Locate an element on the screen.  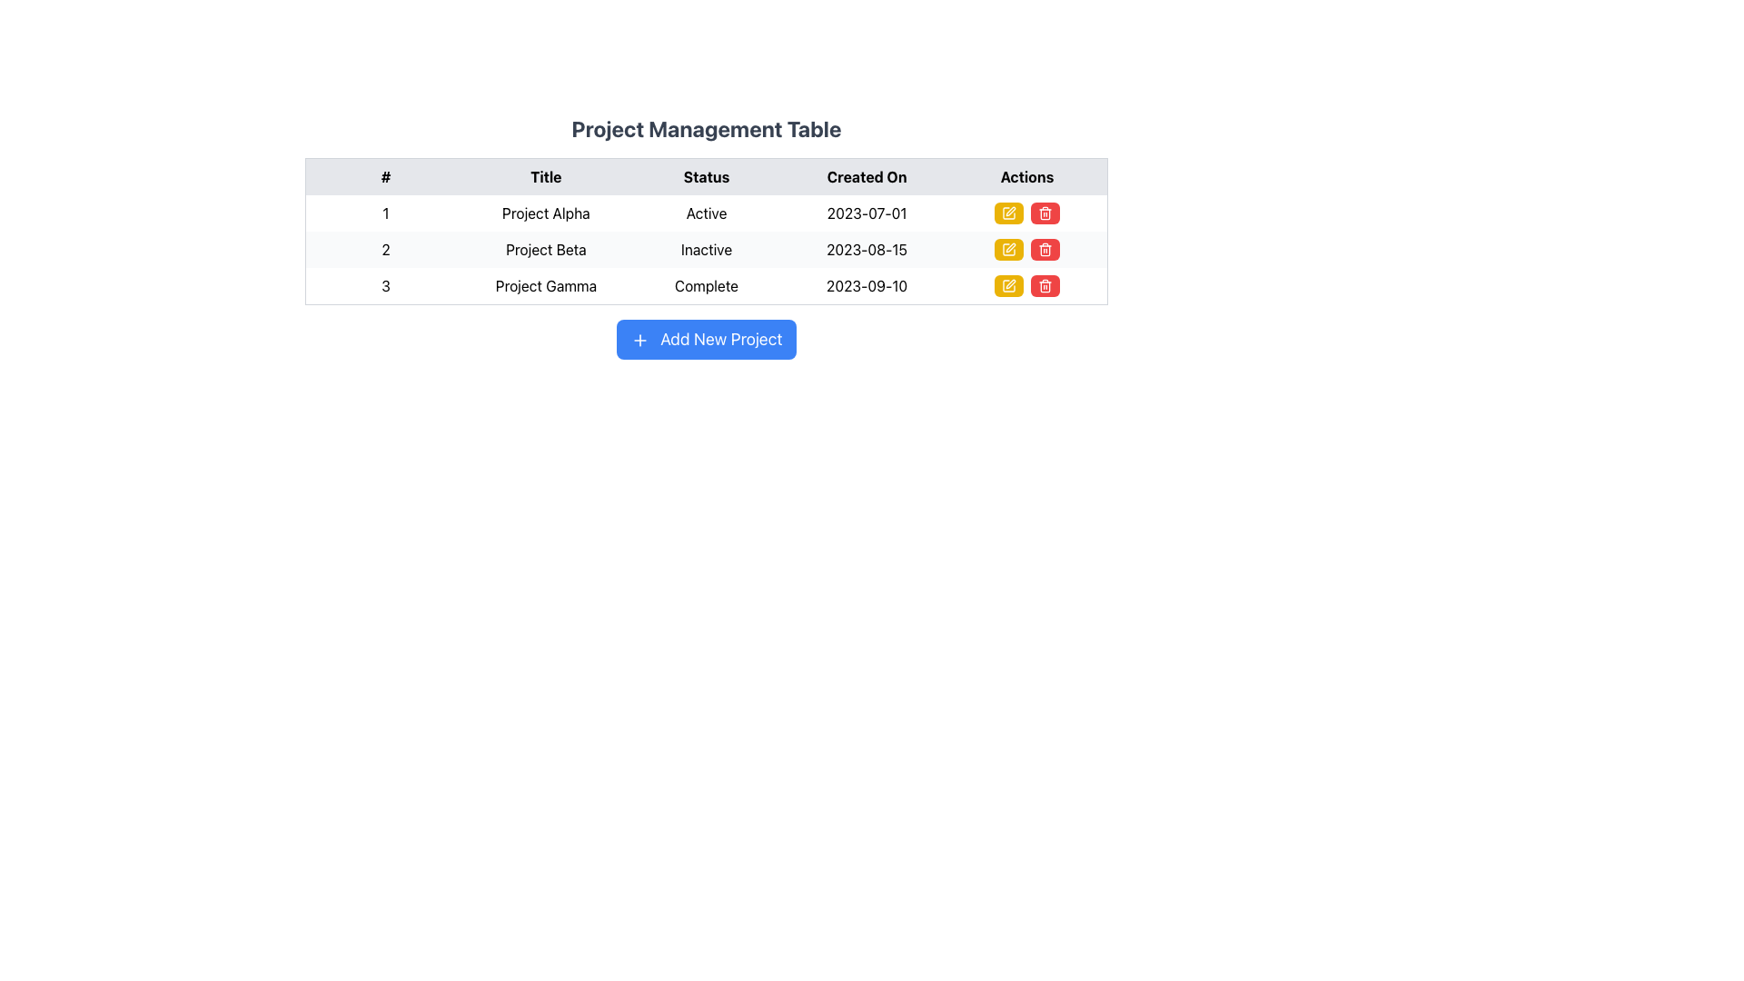
the trash can icon in the 'Actions' column for 'Project Alpha' is located at coordinates (1045, 213).